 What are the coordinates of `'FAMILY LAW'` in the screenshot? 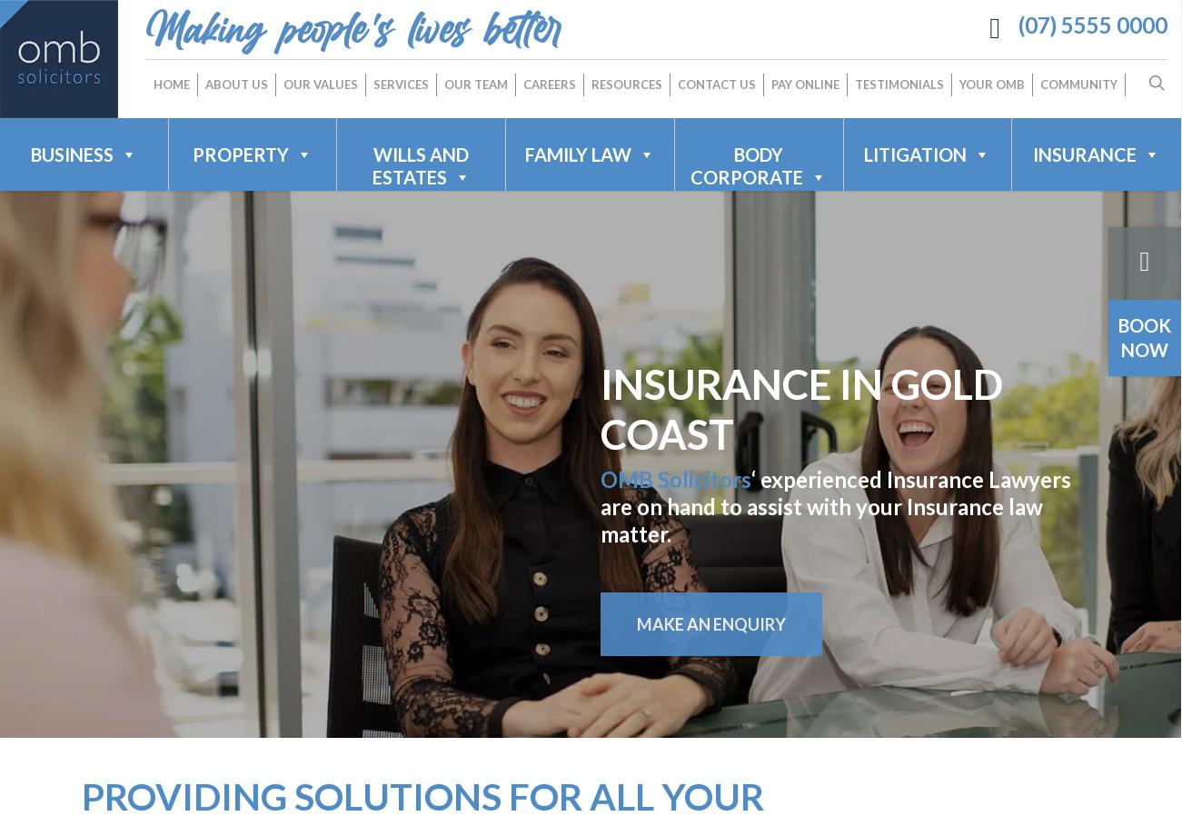 It's located at (576, 153).